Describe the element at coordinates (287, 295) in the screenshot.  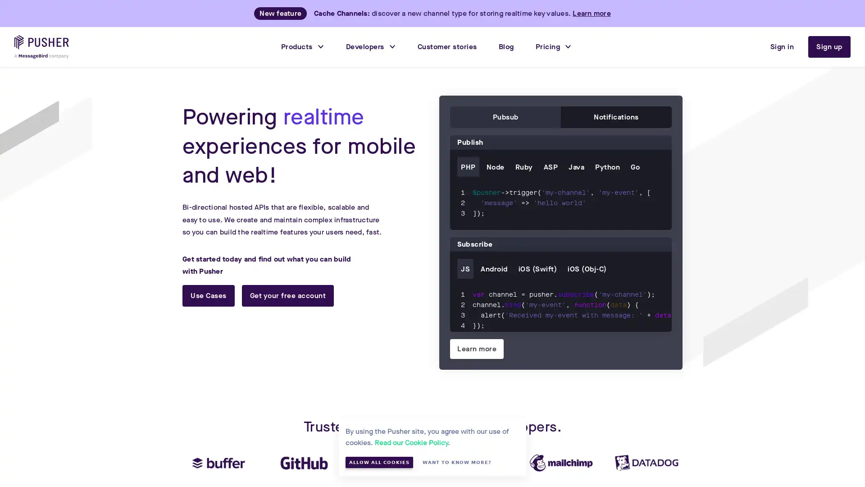
I see `Get your free account` at that location.